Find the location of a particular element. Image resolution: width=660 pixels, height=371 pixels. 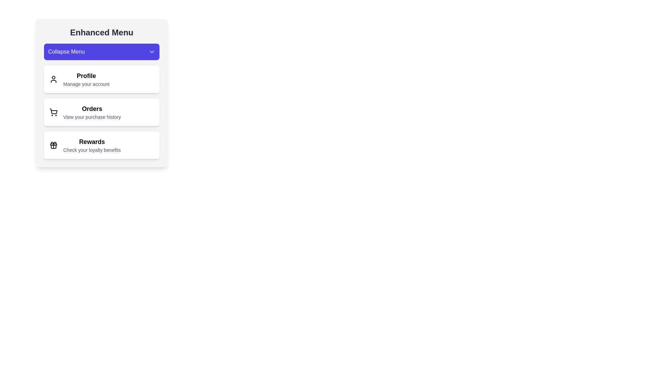

the 'Collapse Menu' button is located at coordinates (101, 51).